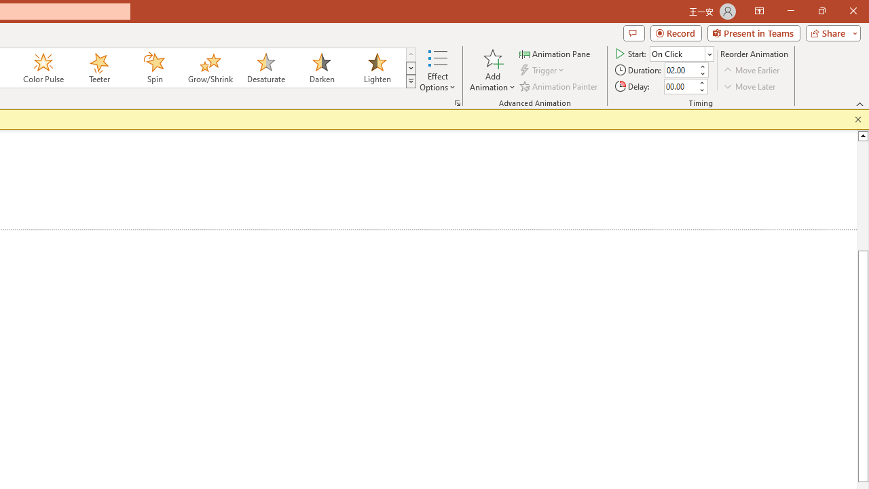 The height and width of the screenshot is (489, 869). I want to click on 'Animation Duration', so click(681, 70).